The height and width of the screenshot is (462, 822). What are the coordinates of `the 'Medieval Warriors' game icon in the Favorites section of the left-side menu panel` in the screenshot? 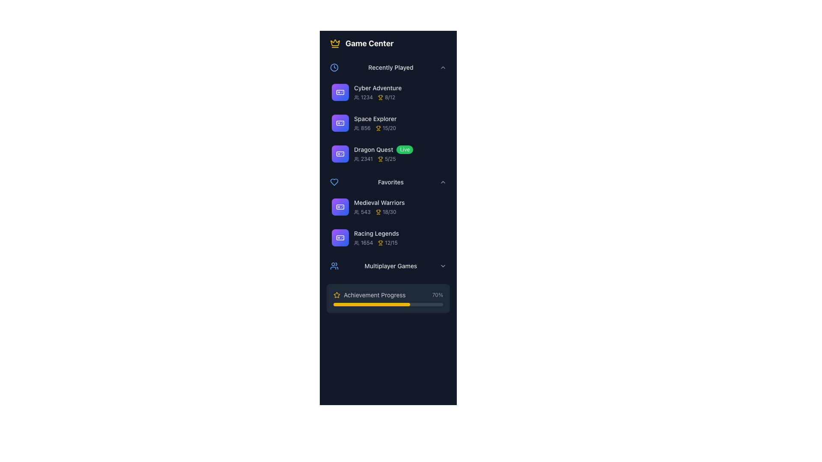 It's located at (340, 207).